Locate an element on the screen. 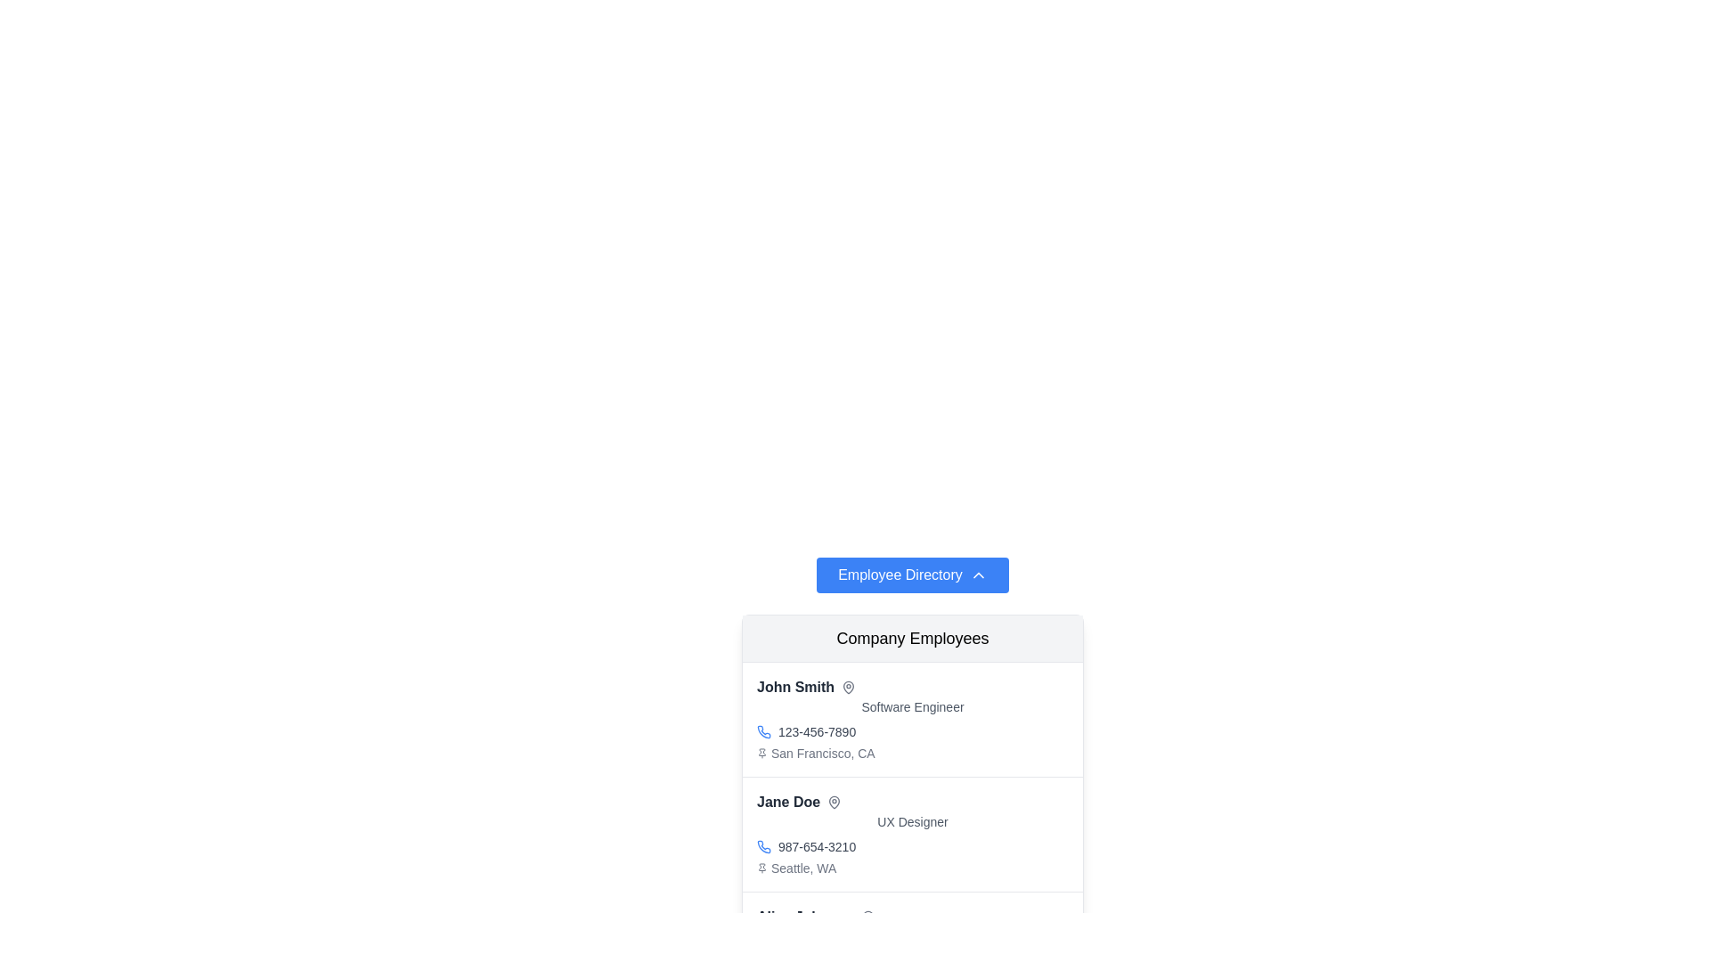 The image size is (1710, 962). the location information displayed is located at coordinates (913, 868).